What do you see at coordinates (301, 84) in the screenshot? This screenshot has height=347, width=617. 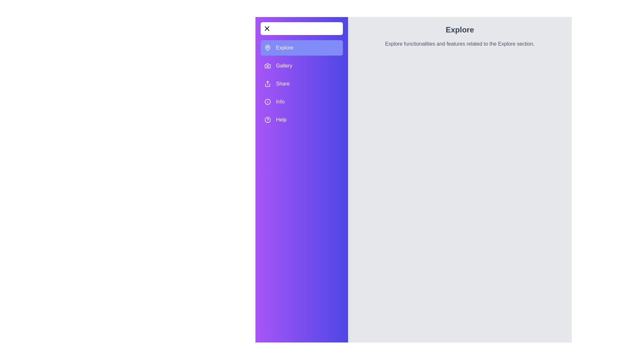 I see `the tab labeled Share in the navigation drawer` at bounding box center [301, 84].